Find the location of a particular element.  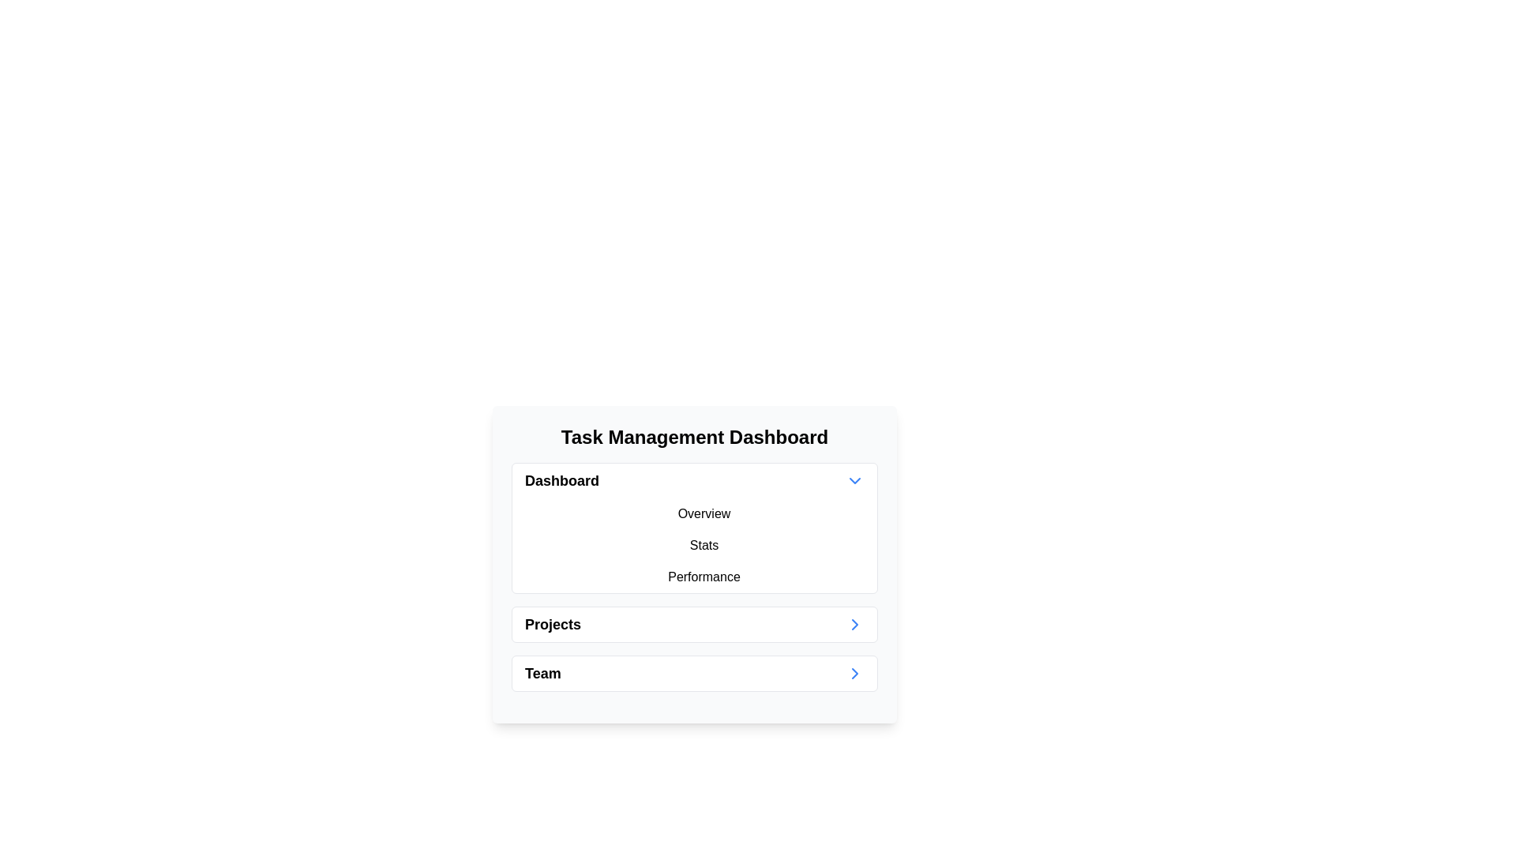

the chevron icon located to the right of the 'Projects' label in the second row of the menu is located at coordinates (854, 623).